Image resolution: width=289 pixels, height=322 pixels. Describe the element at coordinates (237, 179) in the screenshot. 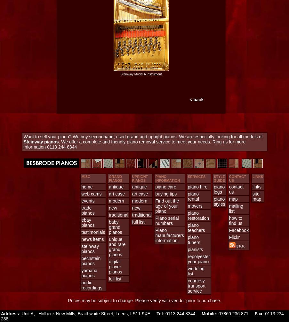

I see `'CONTACT US'` at that location.